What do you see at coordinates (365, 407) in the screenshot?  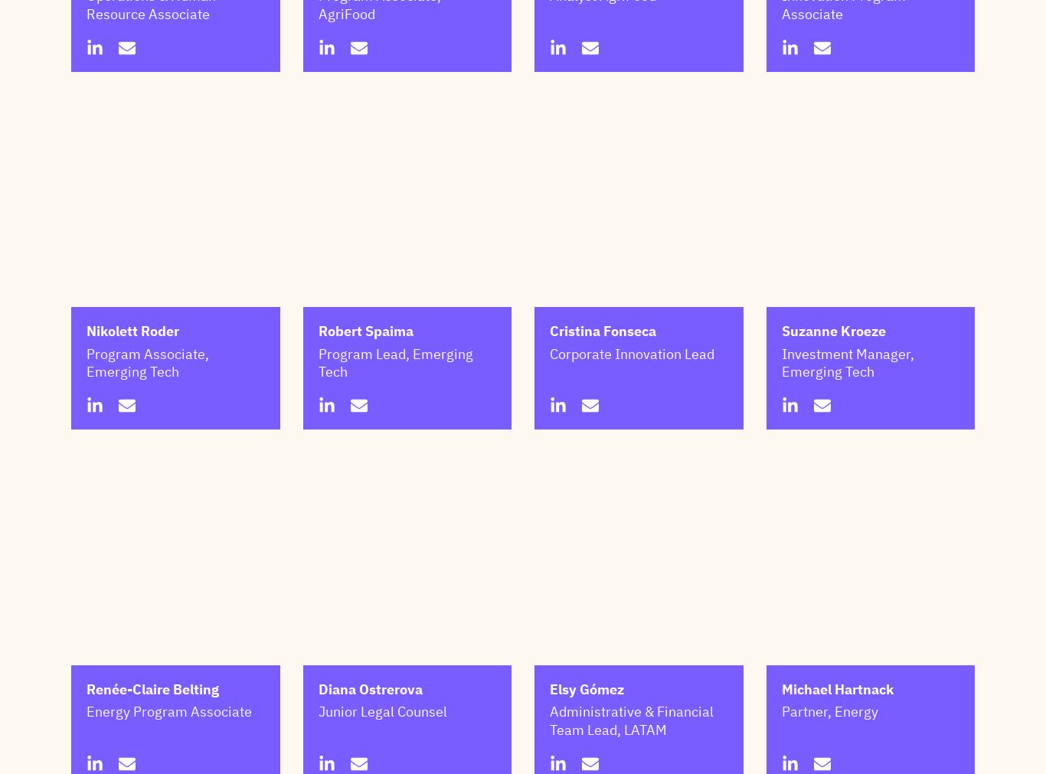 I see `'Robert Spaima'` at bounding box center [365, 407].